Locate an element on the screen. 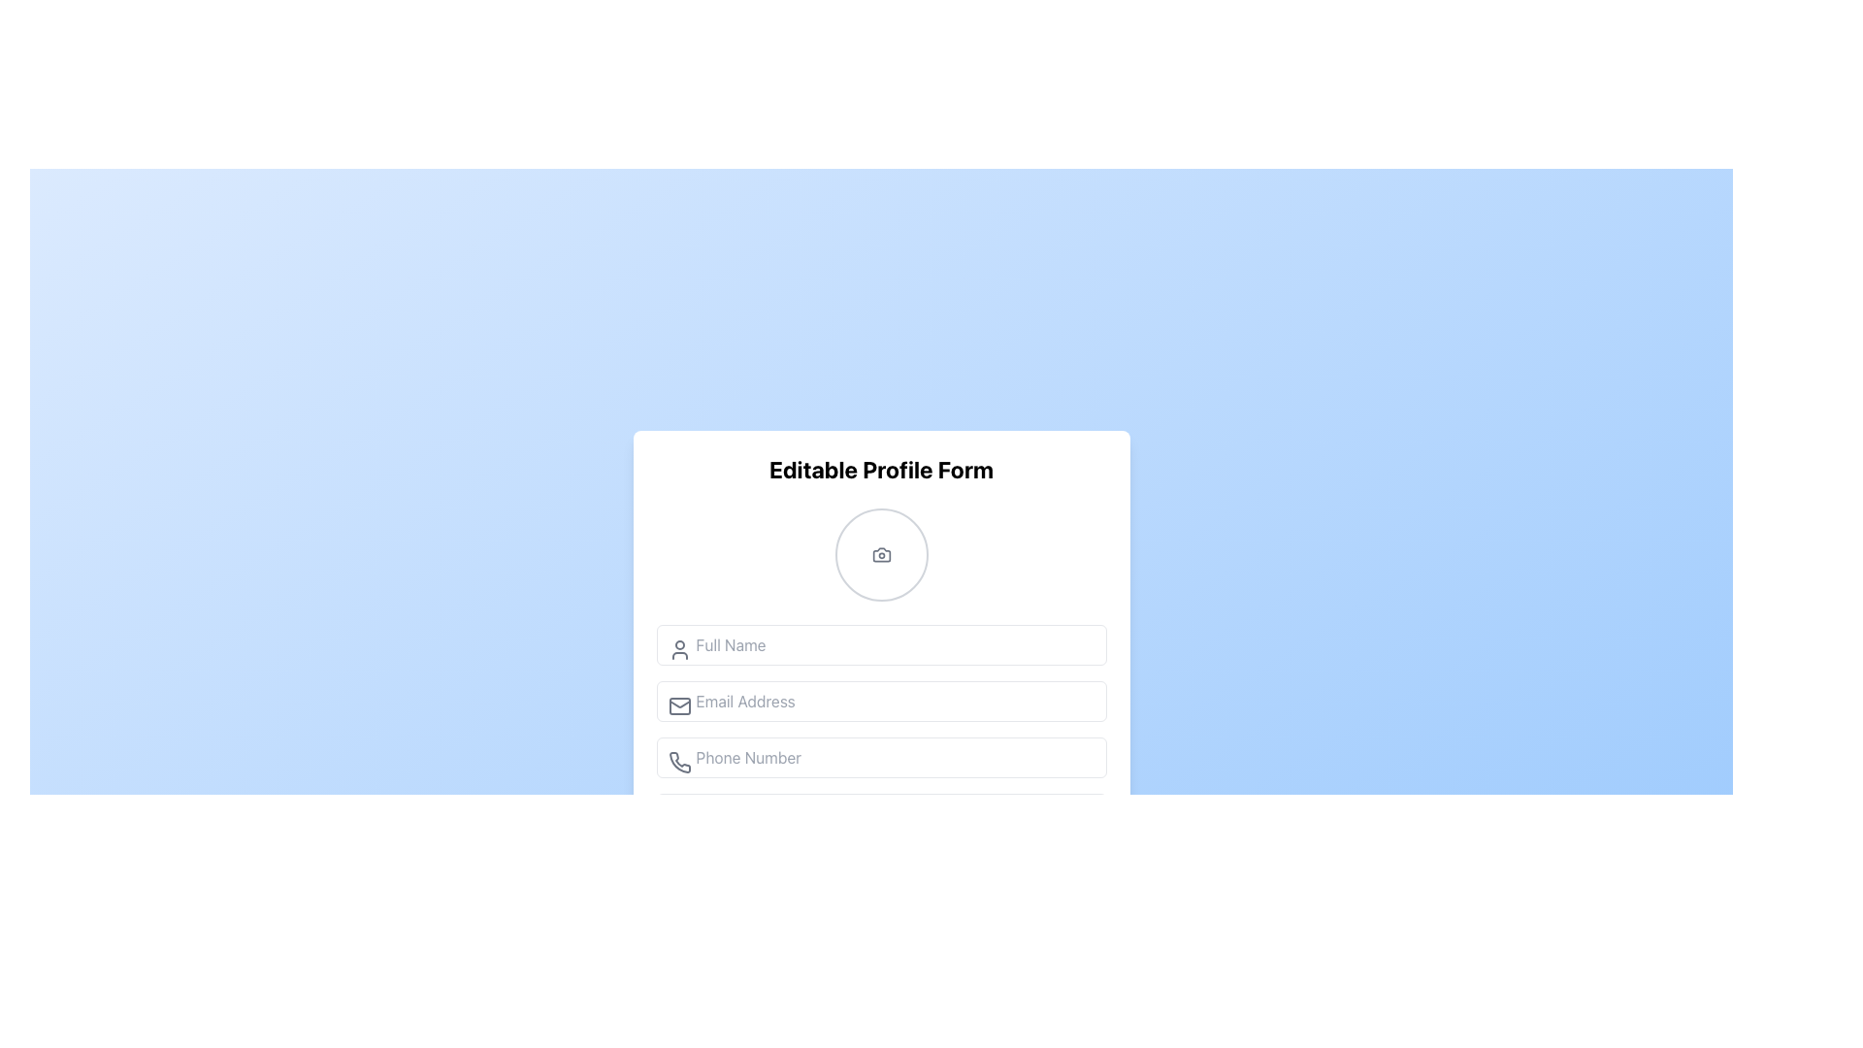  the button located below the 'Editable Profile Form' title to upload an image, identified by its camera icon is located at coordinates (880, 554).